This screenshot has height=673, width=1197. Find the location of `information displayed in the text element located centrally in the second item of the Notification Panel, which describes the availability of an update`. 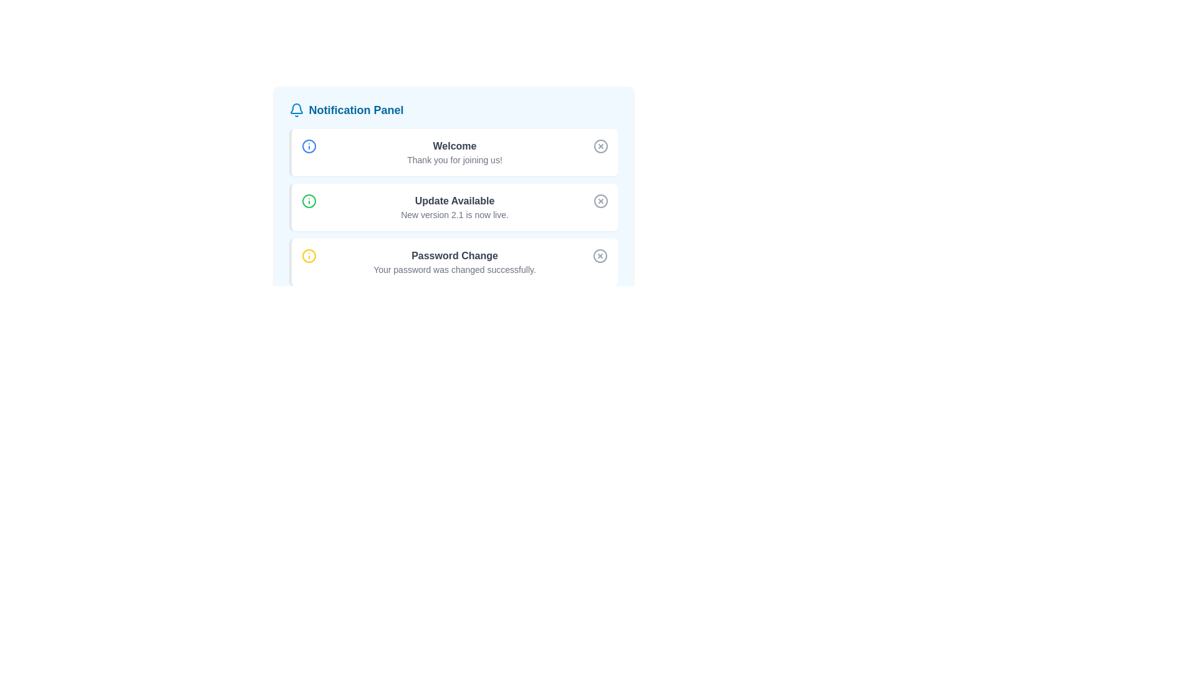

information displayed in the text element located centrally in the second item of the Notification Panel, which describes the availability of an update is located at coordinates (454, 206).